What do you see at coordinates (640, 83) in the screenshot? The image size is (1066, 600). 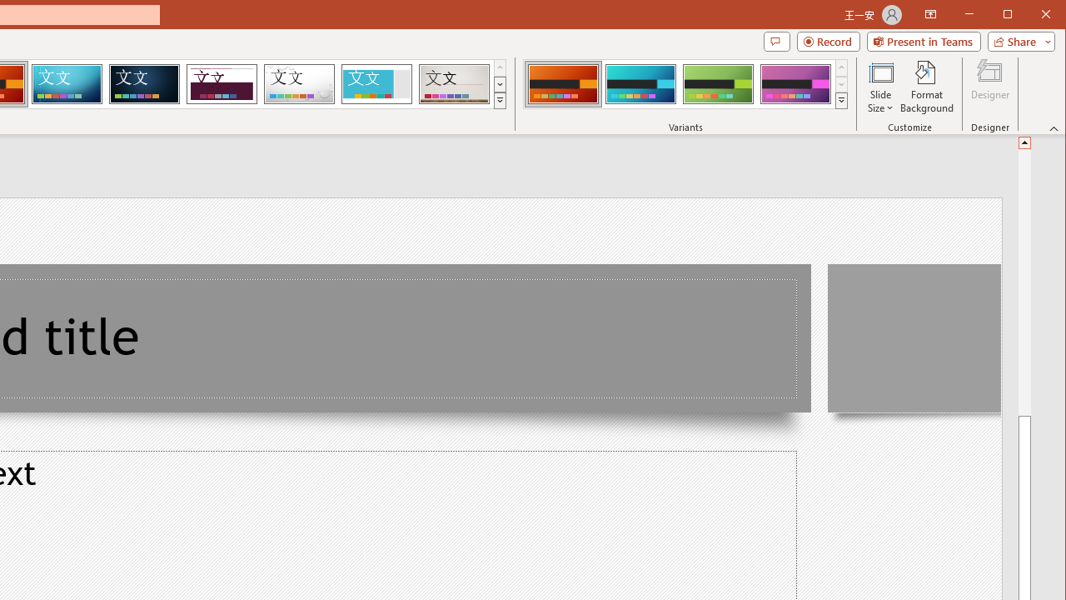 I see `'Berlin Variant 2'` at bounding box center [640, 83].